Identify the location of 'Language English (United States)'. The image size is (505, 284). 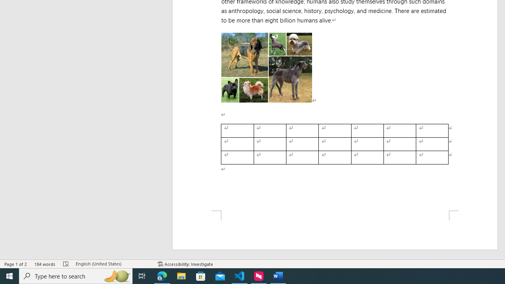
(112, 264).